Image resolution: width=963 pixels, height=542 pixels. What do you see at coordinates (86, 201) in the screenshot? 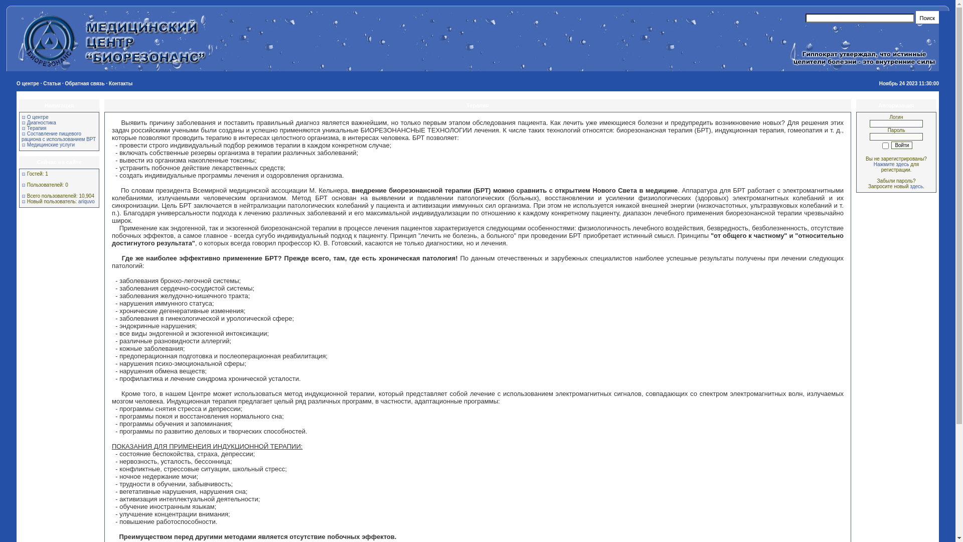
I see `'ariquvo'` at bounding box center [86, 201].